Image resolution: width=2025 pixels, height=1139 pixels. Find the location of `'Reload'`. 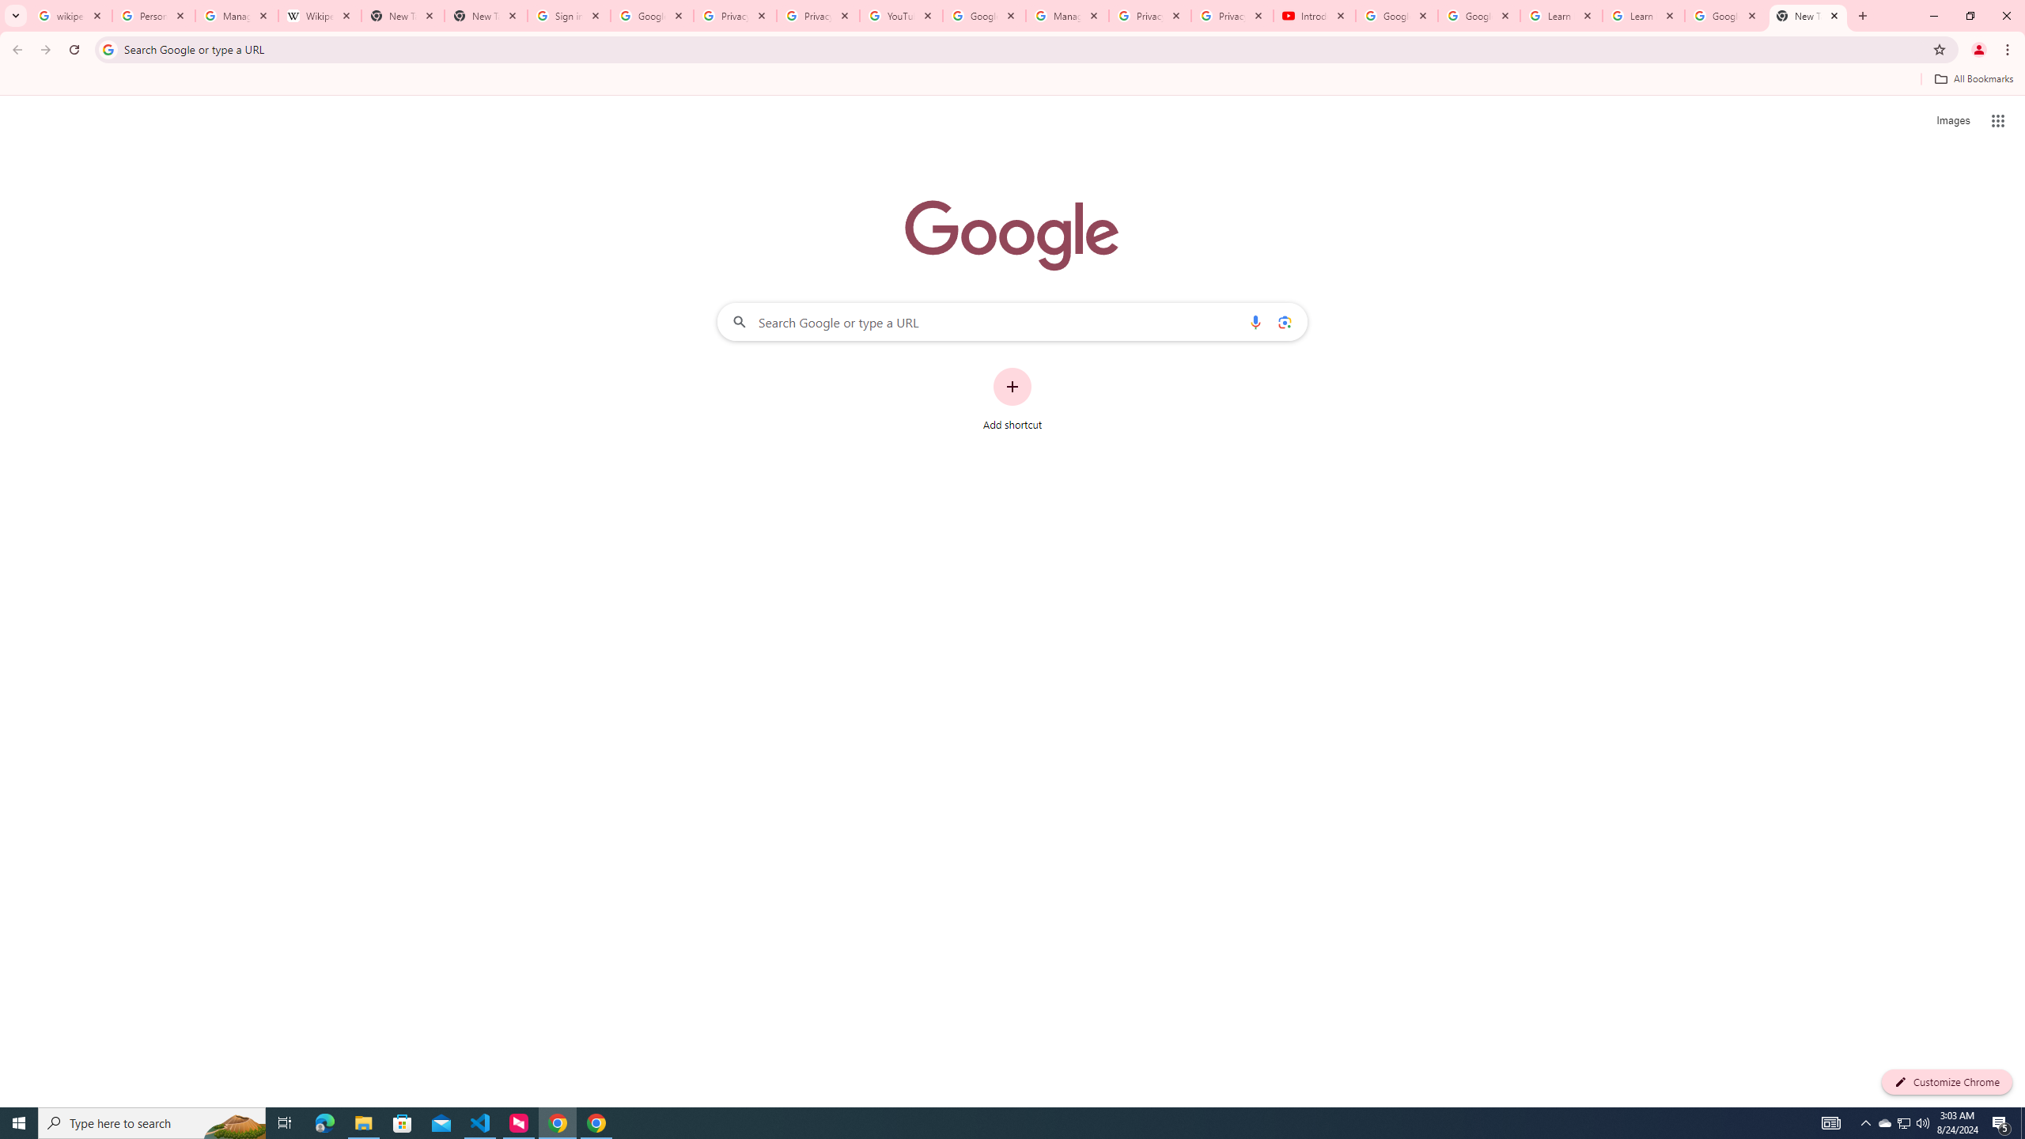

'Reload' is located at coordinates (74, 49).